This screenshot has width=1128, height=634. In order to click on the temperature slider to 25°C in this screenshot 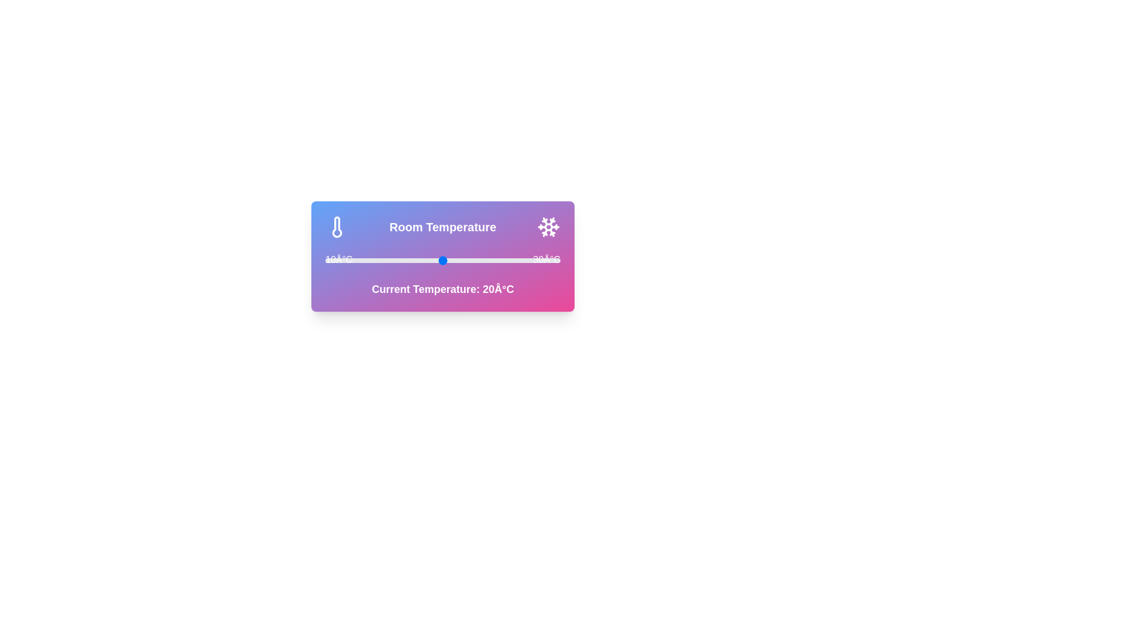, I will do `click(502, 259)`.